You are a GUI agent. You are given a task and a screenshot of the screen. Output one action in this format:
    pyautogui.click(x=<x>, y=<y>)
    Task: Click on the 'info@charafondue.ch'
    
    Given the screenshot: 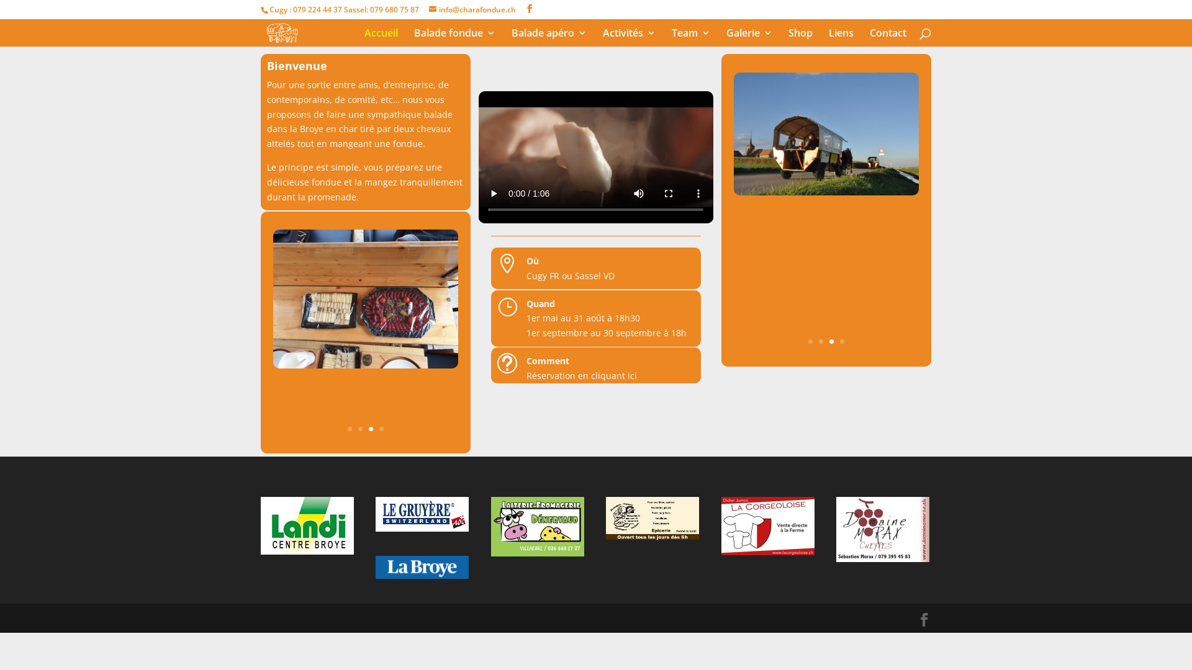 What is the action you would take?
    pyautogui.click(x=472, y=9)
    